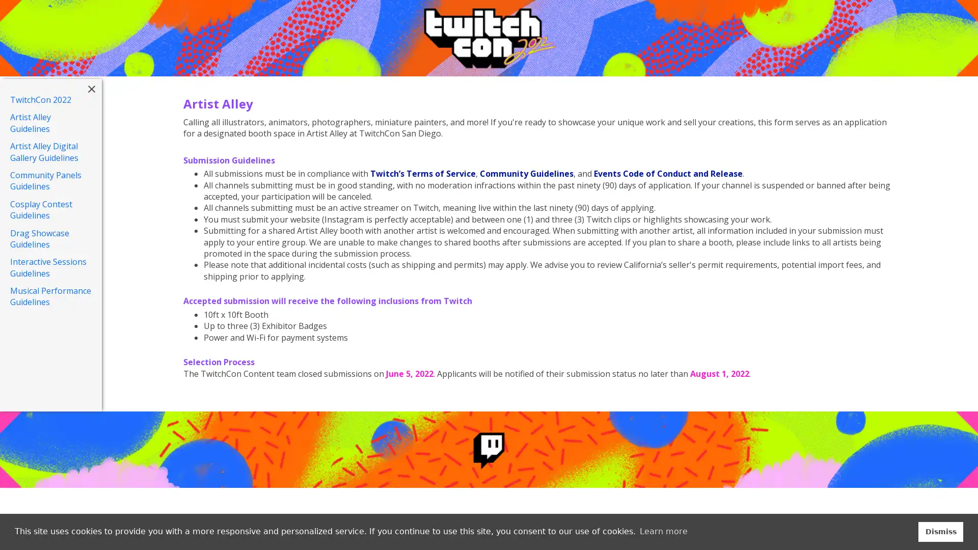  What do you see at coordinates (940, 531) in the screenshot?
I see `dismiss cookie message` at bounding box center [940, 531].